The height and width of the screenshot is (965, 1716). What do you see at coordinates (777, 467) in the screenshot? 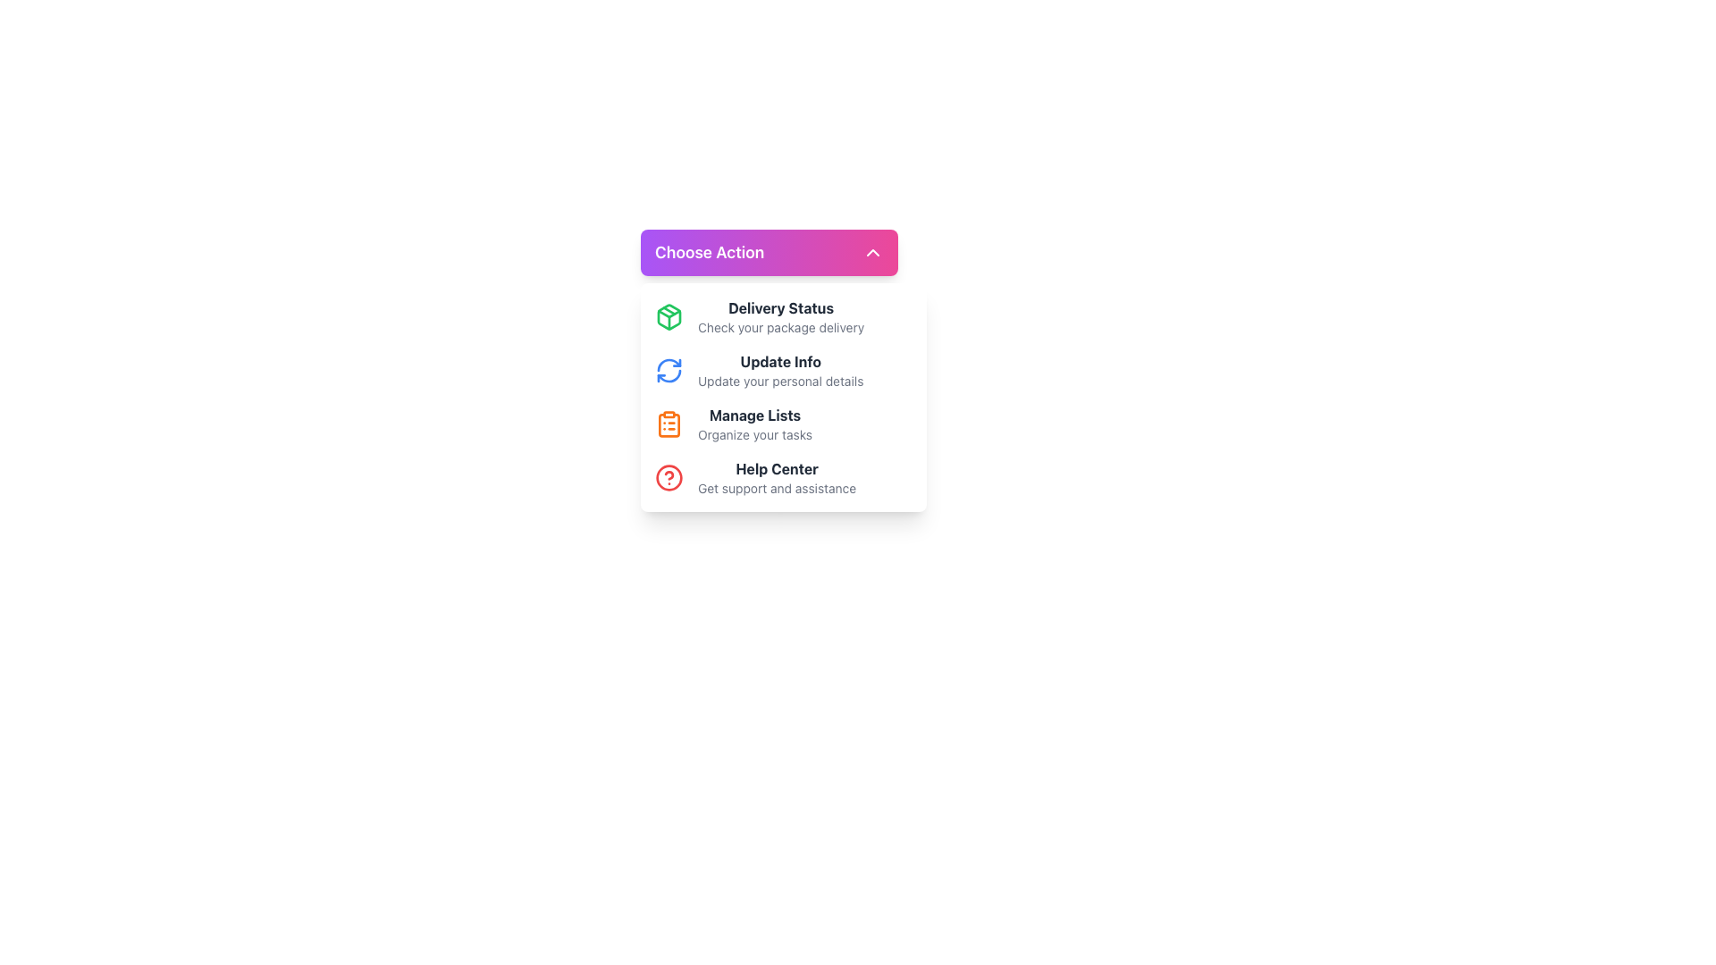
I see `text label displaying 'Help Center' located in the dropdown menu for assistance options` at bounding box center [777, 467].